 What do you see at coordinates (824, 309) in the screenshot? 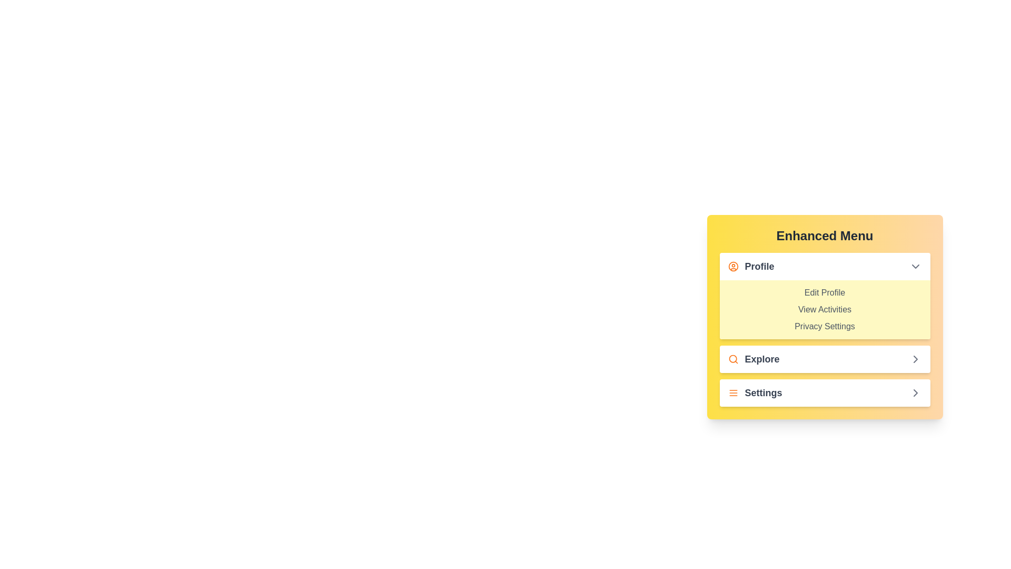
I see `the navigation link labeled as the second item under the 'Profile' category, which directs the user` at bounding box center [824, 309].